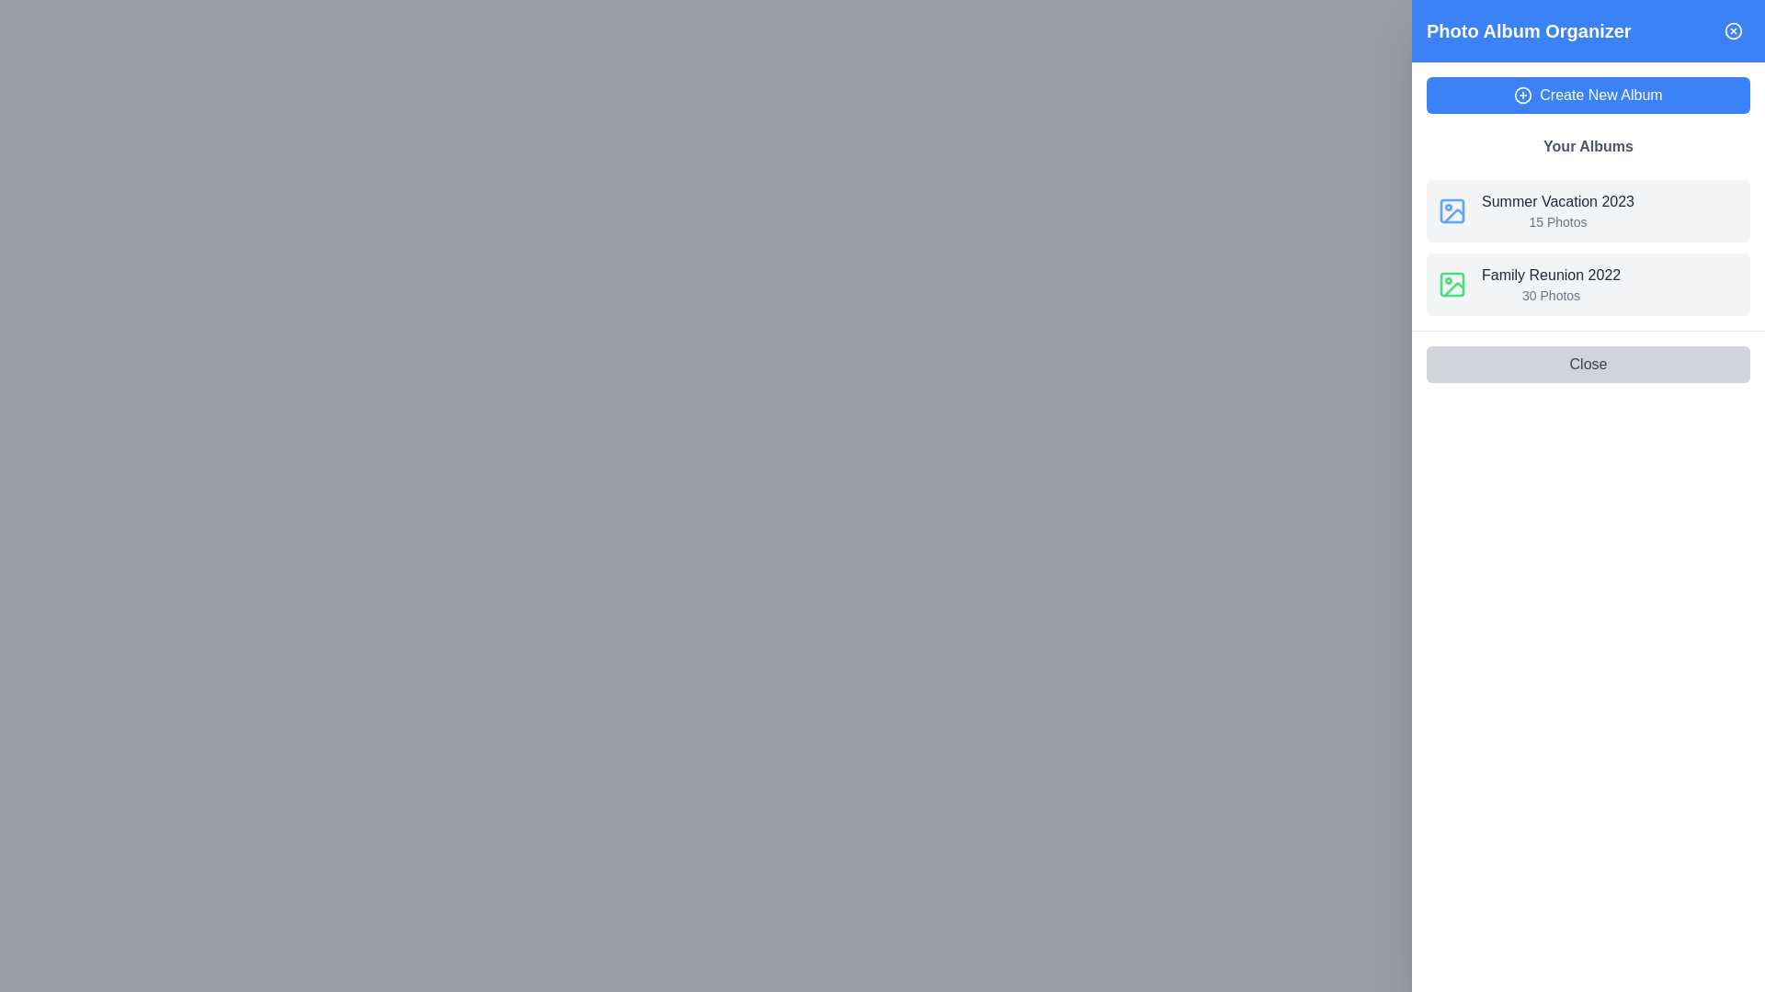  What do you see at coordinates (1529, 31) in the screenshot?
I see `text from the header of the photo album organizer application, which is located at the top-left section of the blue header bar` at bounding box center [1529, 31].